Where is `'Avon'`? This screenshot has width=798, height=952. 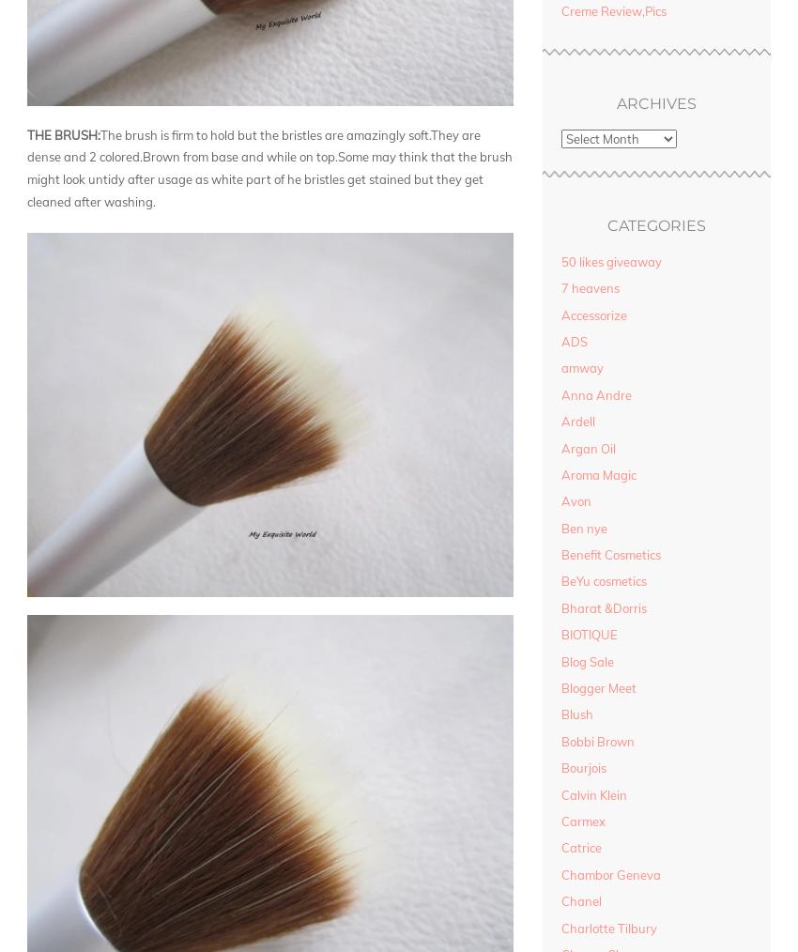 'Avon' is located at coordinates (560, 499).